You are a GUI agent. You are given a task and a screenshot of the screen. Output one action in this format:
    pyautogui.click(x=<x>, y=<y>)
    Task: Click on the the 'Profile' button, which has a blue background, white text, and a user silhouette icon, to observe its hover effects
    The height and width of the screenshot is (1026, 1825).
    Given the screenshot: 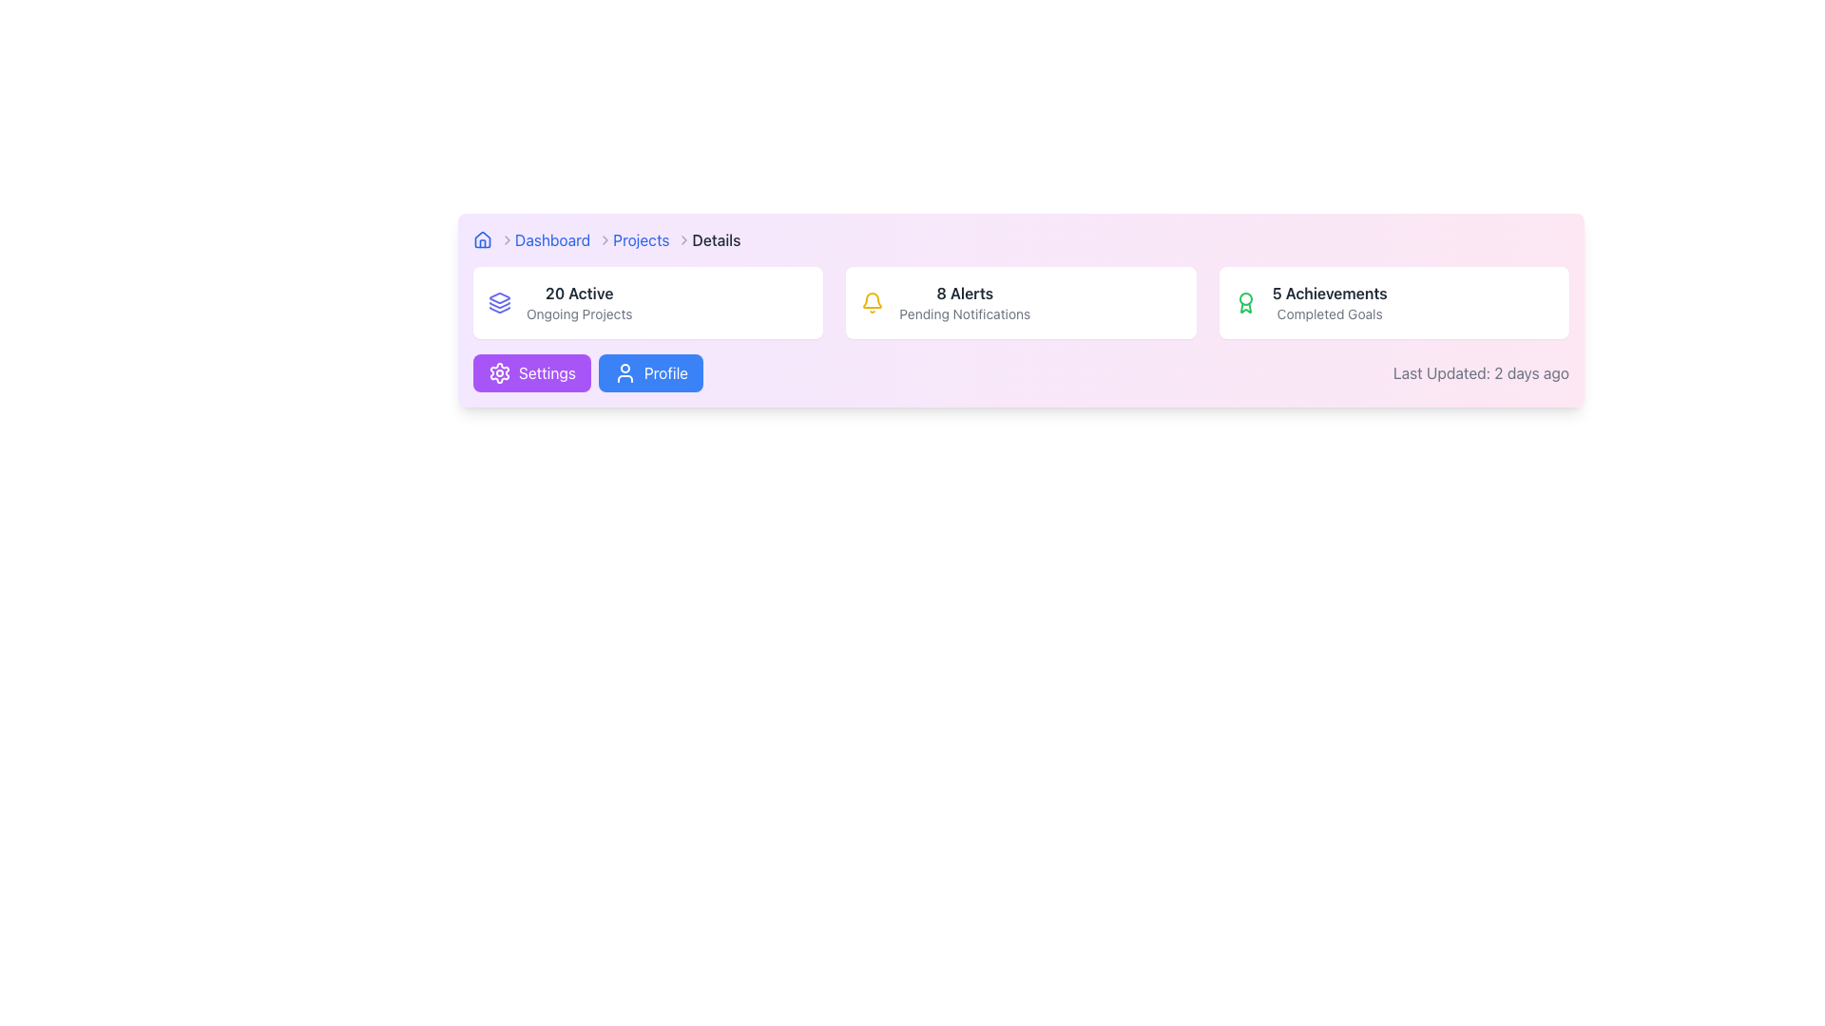 What is the action you would take?
    pyautogui.click(x=651, y=373)
    